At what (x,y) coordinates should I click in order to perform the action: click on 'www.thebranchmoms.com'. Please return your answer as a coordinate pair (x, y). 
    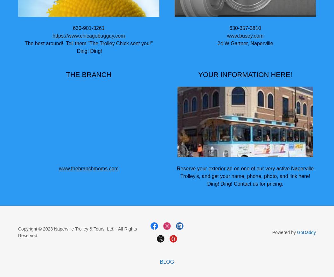
    Looking at the image, I should click on (88, 168).